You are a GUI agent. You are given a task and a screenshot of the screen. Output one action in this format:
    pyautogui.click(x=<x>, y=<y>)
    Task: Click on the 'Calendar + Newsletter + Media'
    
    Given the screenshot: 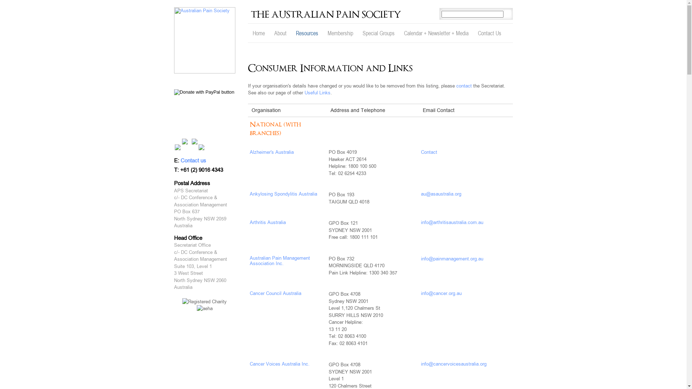 What is the action you would take?
    pyautogui.click(x=436, y=33)
    